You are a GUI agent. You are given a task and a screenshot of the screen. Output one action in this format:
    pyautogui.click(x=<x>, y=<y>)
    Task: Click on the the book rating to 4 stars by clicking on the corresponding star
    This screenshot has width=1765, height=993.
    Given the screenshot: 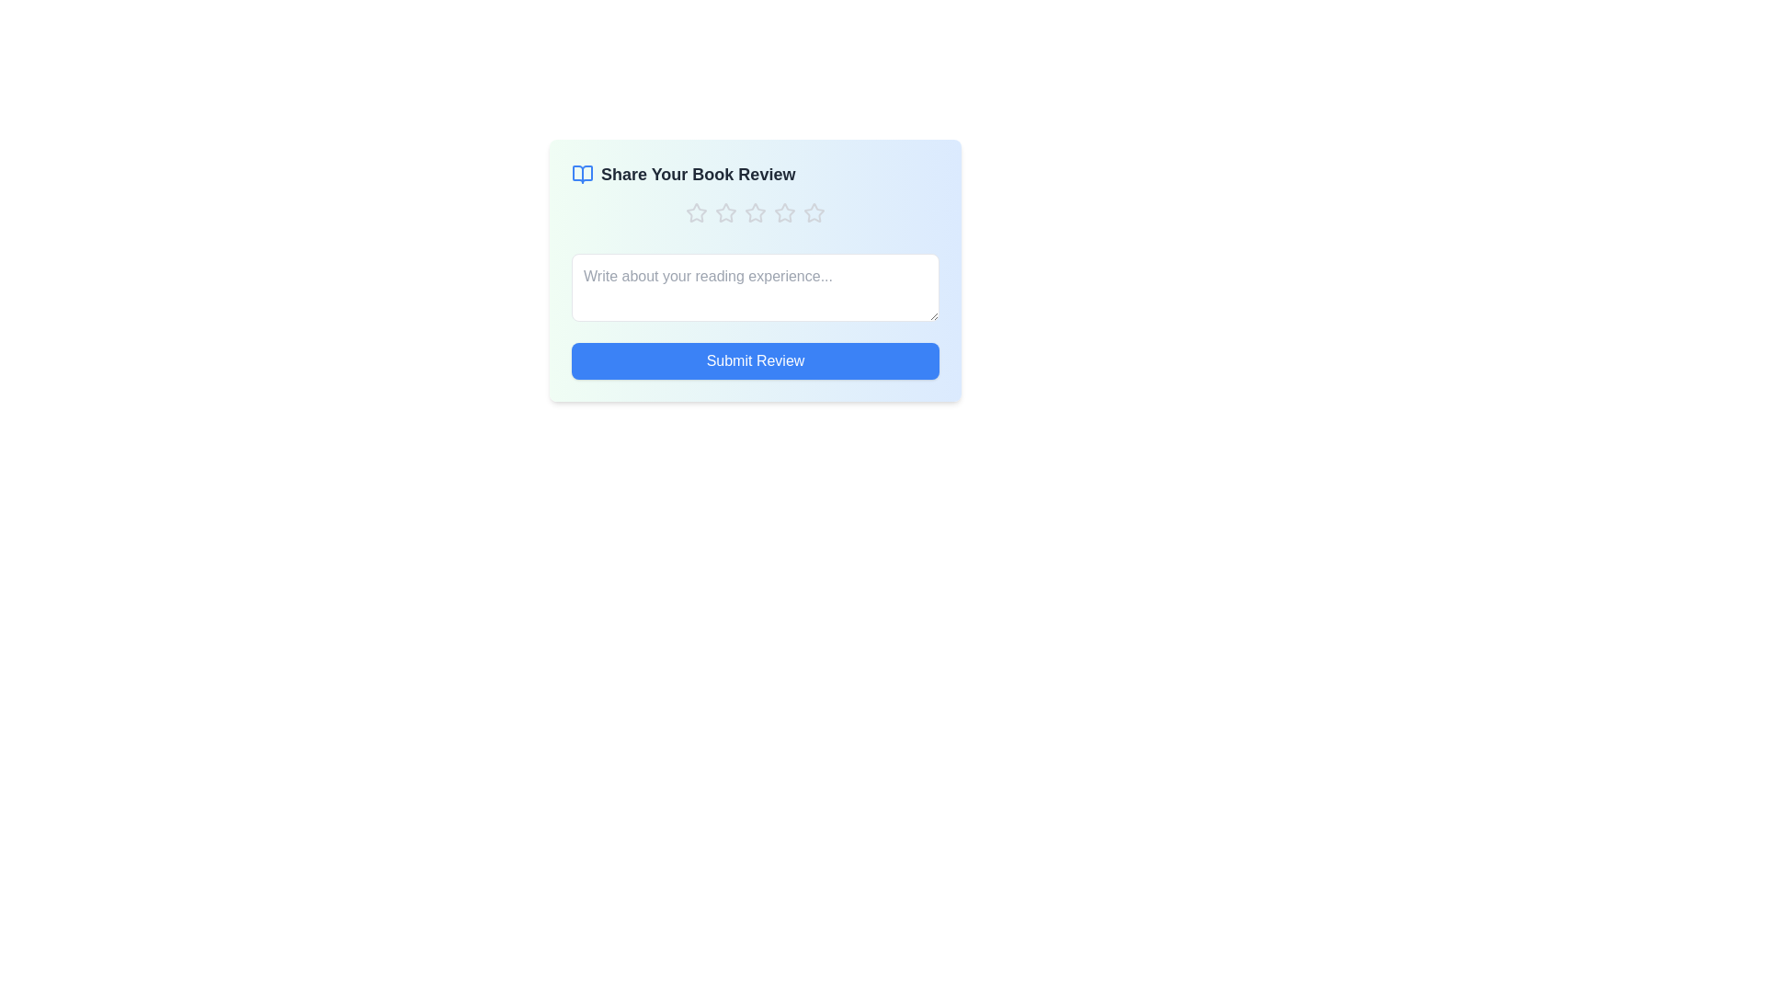 What is the action you would take?
    pyautogui.click(x=785, y=211)
    